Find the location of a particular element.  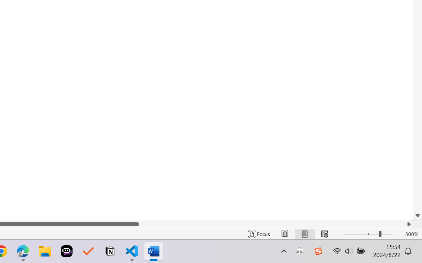

'Print Layout' is located at coordinates (304, 234).